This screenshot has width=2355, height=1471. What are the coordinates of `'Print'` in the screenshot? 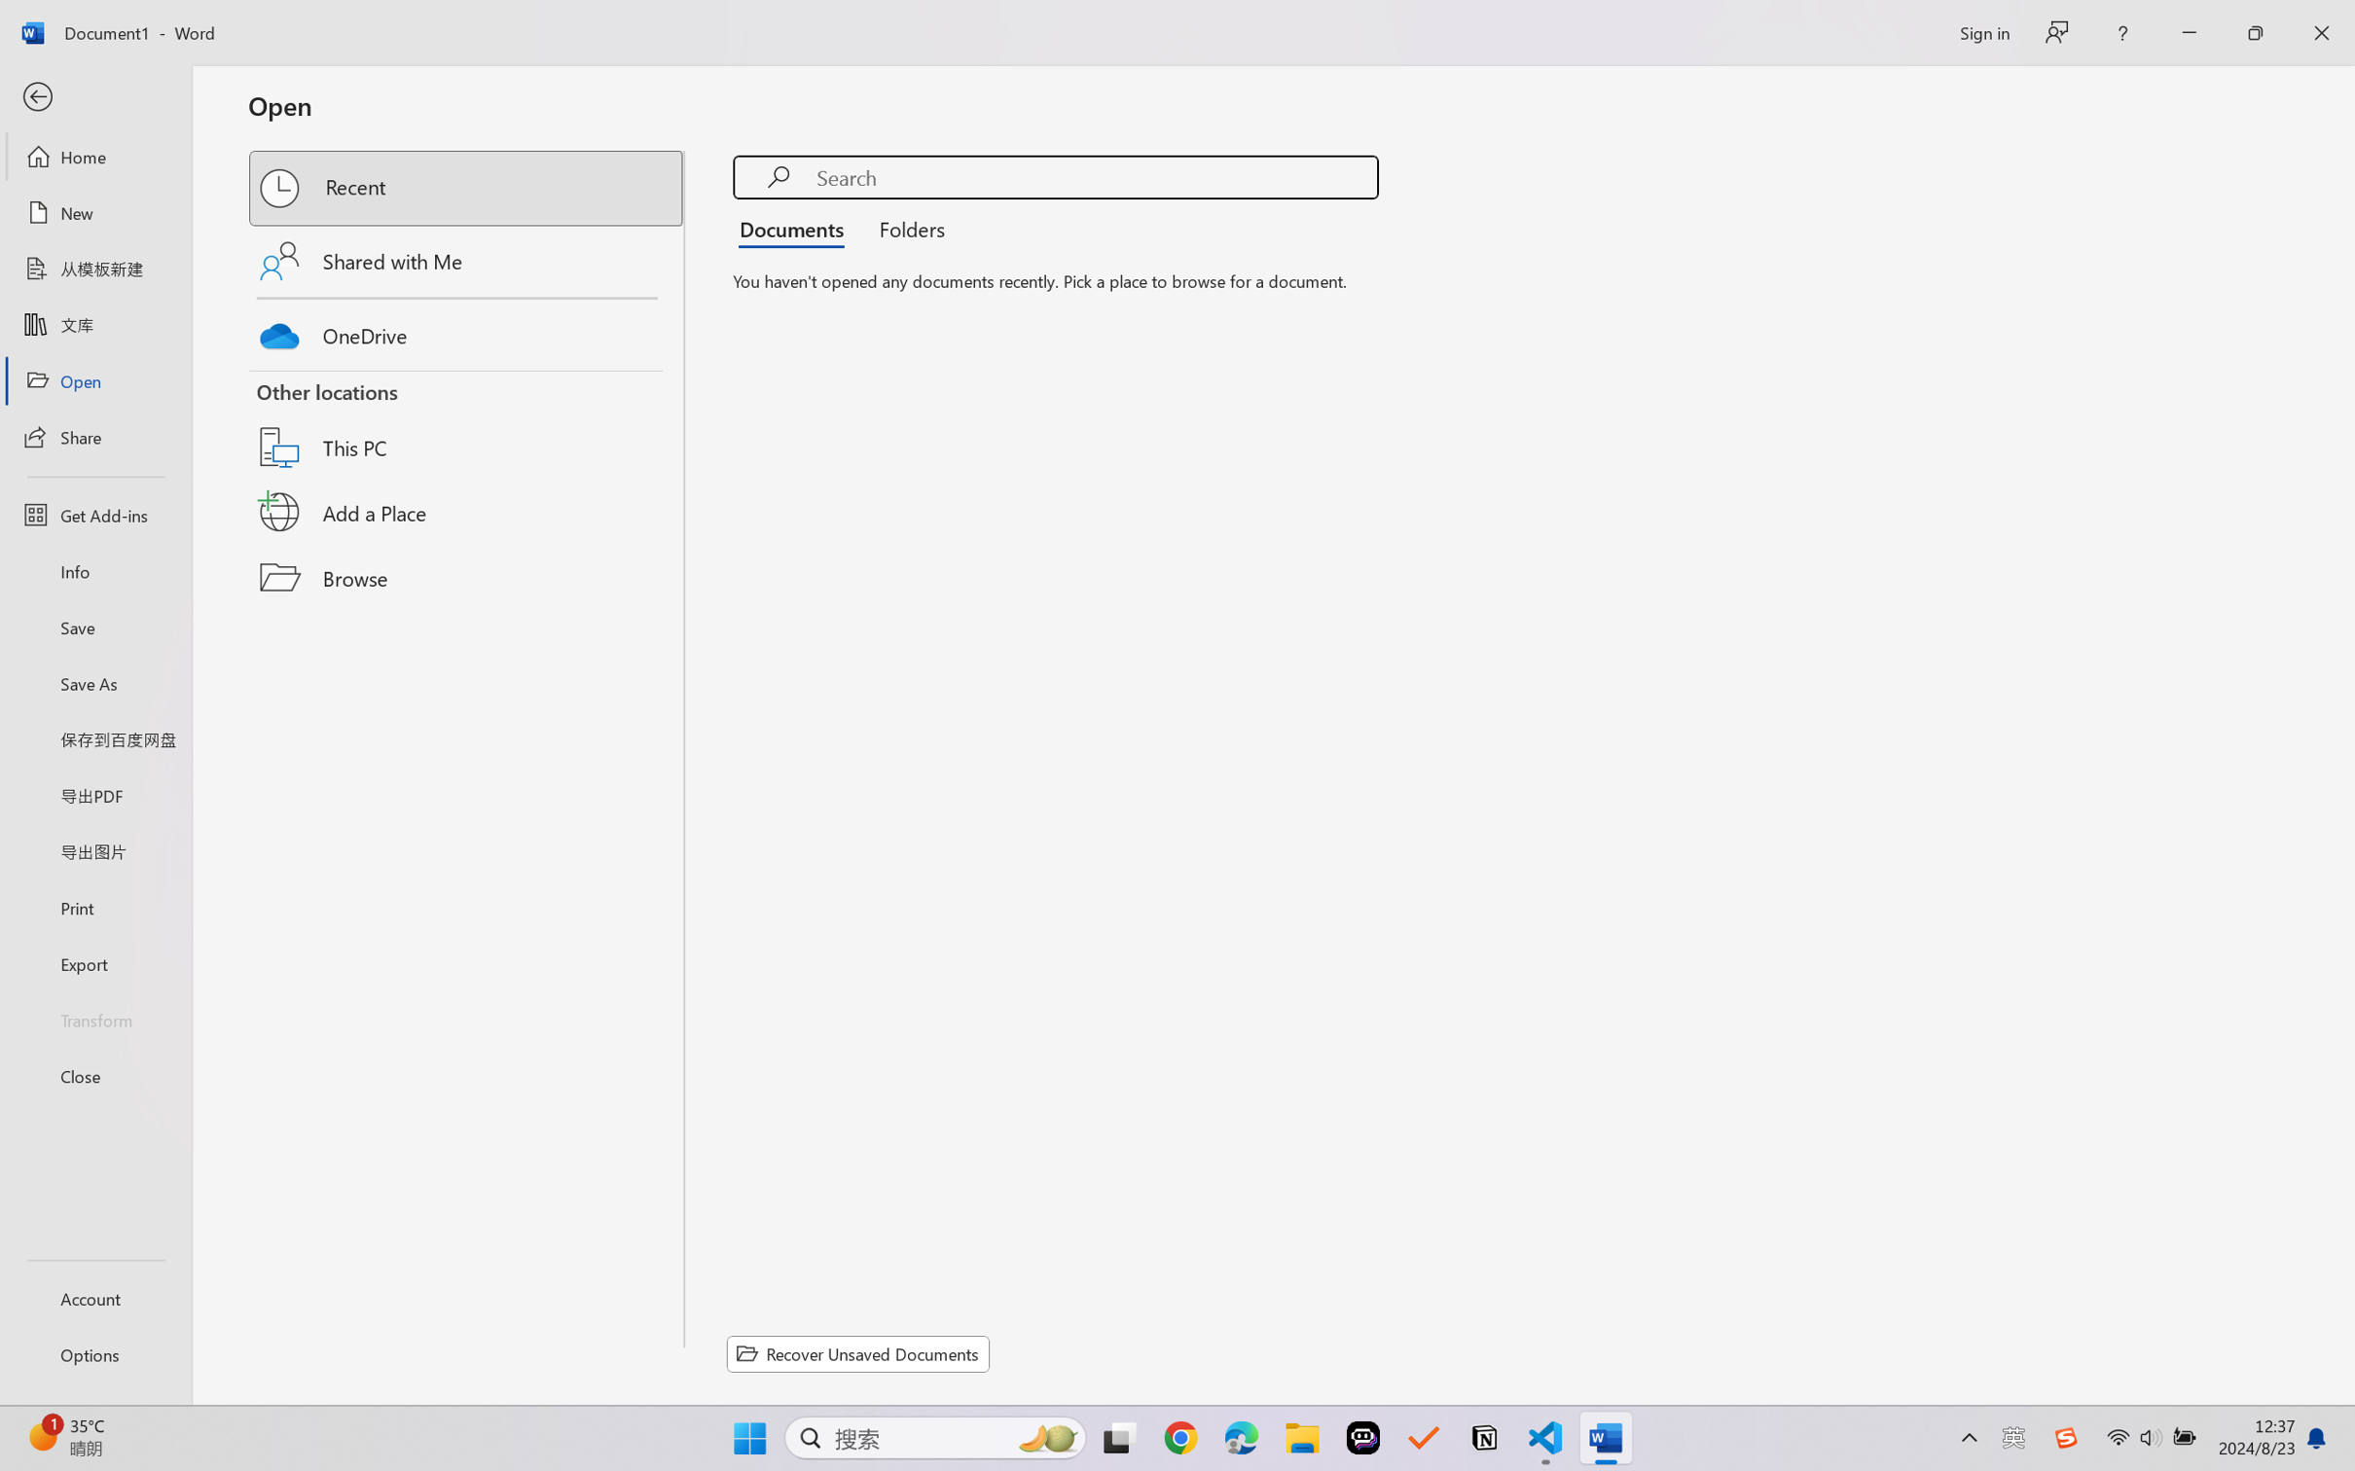 It's located at (94, 908).